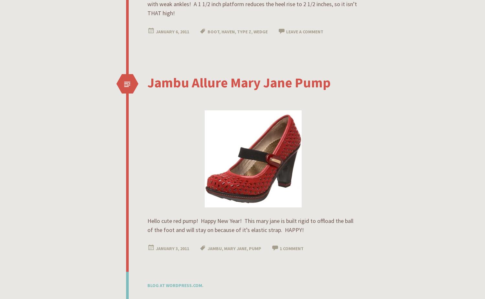 The width and height of the screenshot is (485, 299). I want to click on 'January 6, 2011', so click(155, 32).